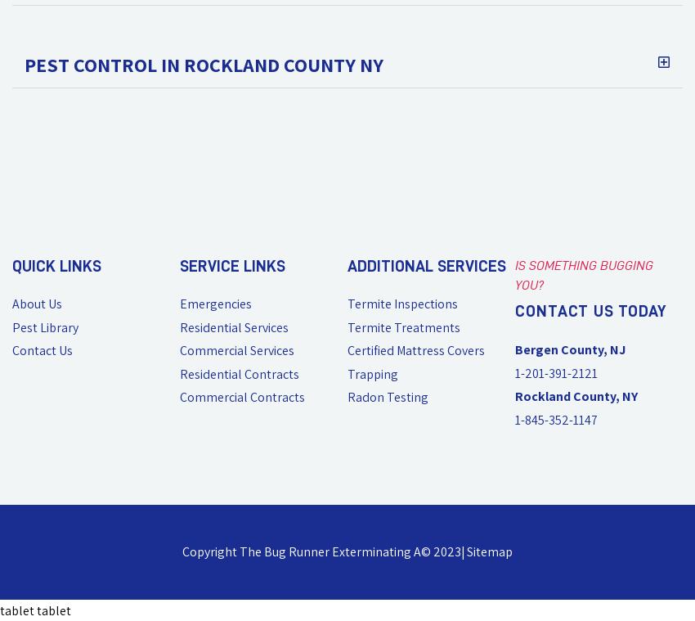 This screenshot has width=695, height=621. Describe the element at coordinates (347, 265) in the screenshot. I see `'Additional Services'` at that location.